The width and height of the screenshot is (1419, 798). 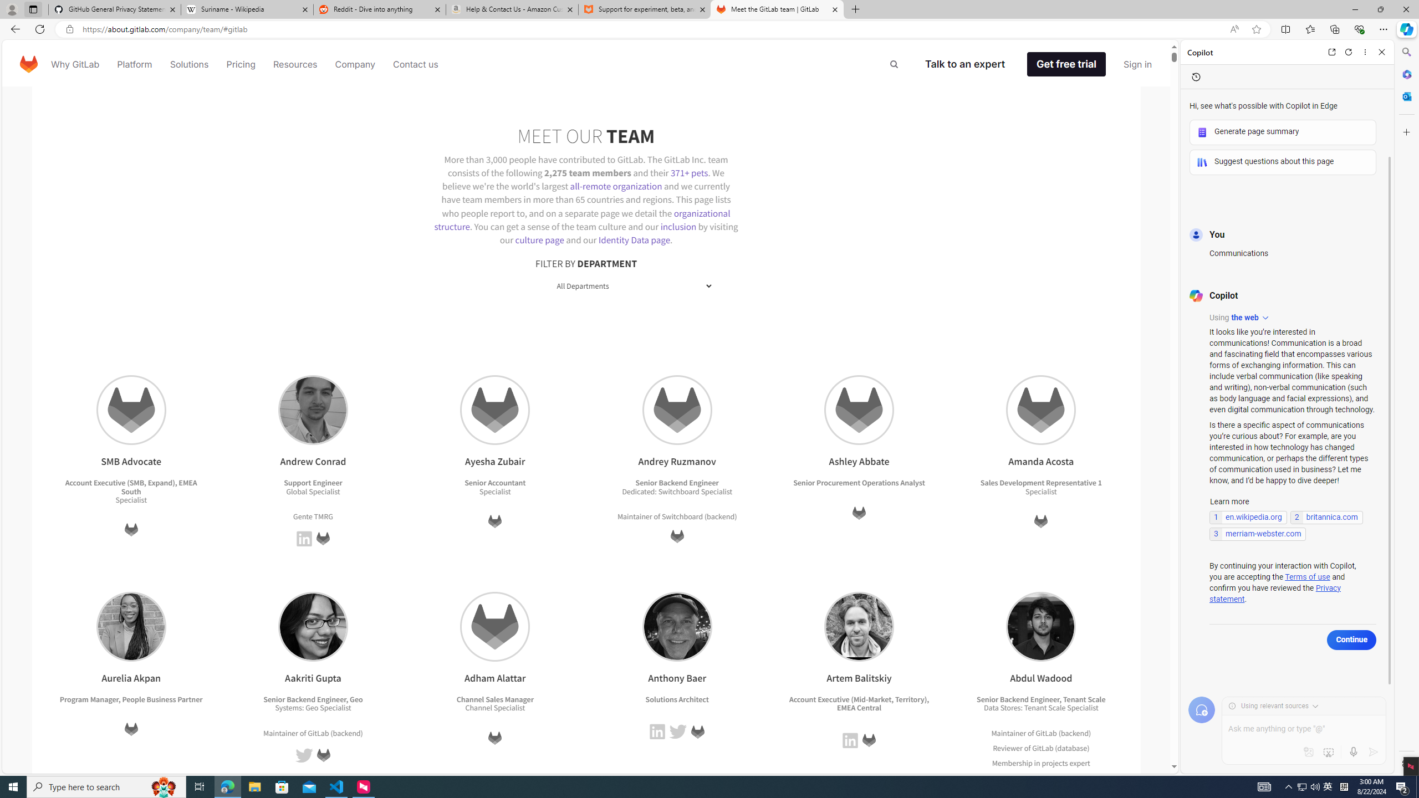 What do you see at coordinates (859, 482) in the screenshot?
I see `'Senior Procurement Operations Analyst'` at bounding box center [859, 482].